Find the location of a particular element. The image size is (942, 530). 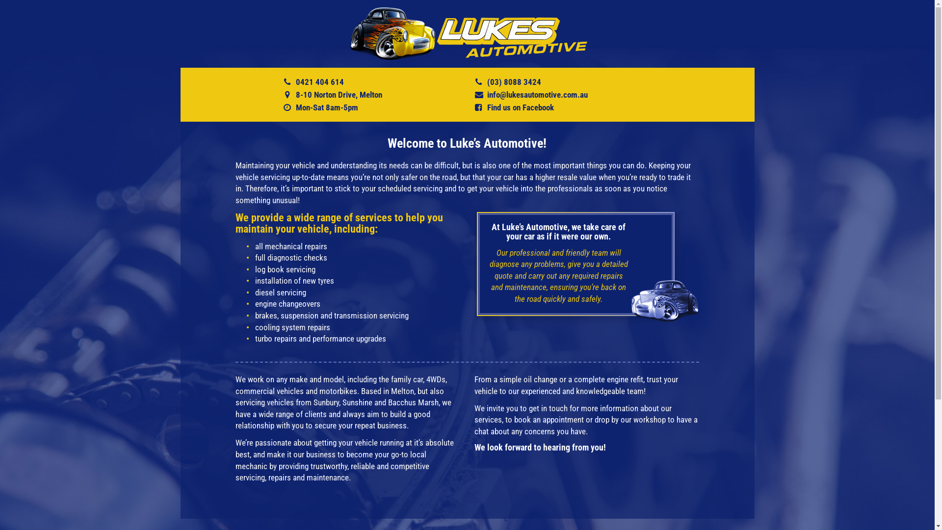

'8-10 Norton Drive, Melton' is located at coordinates (339, 94).